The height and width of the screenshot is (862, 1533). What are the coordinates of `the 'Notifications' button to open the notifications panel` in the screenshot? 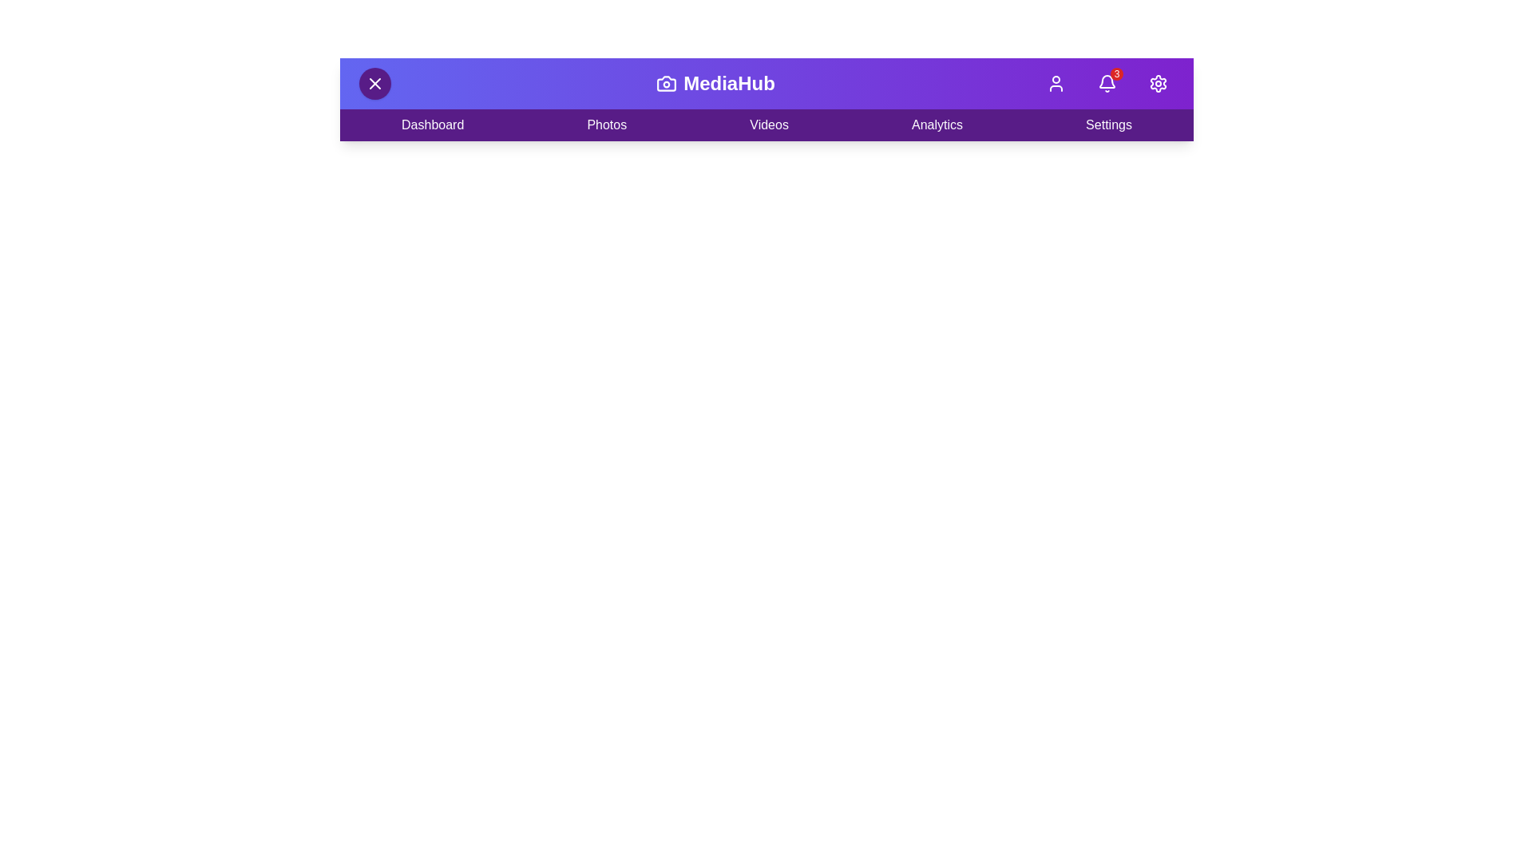 It's located at (1107, 83).